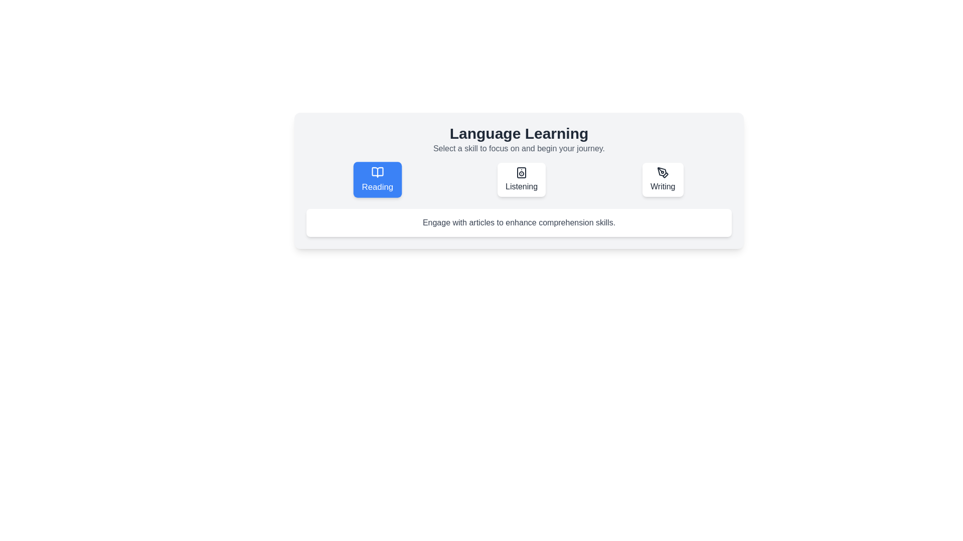 The width and height of the screenshot is (963, 541). What do you see at coordinates (519, 181) in the screenshot?
I see `the second box in the row under the 'Language Learning' section` at bounding box center [519, 181].